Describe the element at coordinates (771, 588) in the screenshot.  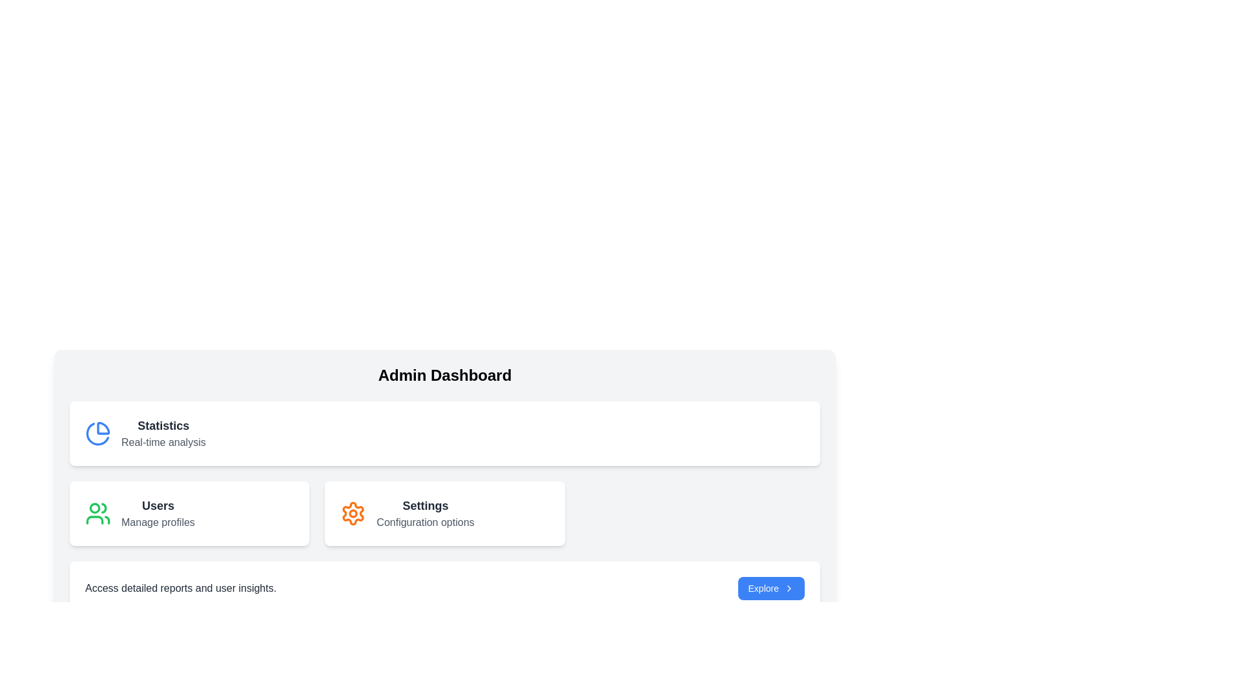
I see `the forward navigation button located at the bottom-right corner of the panel` at that location.